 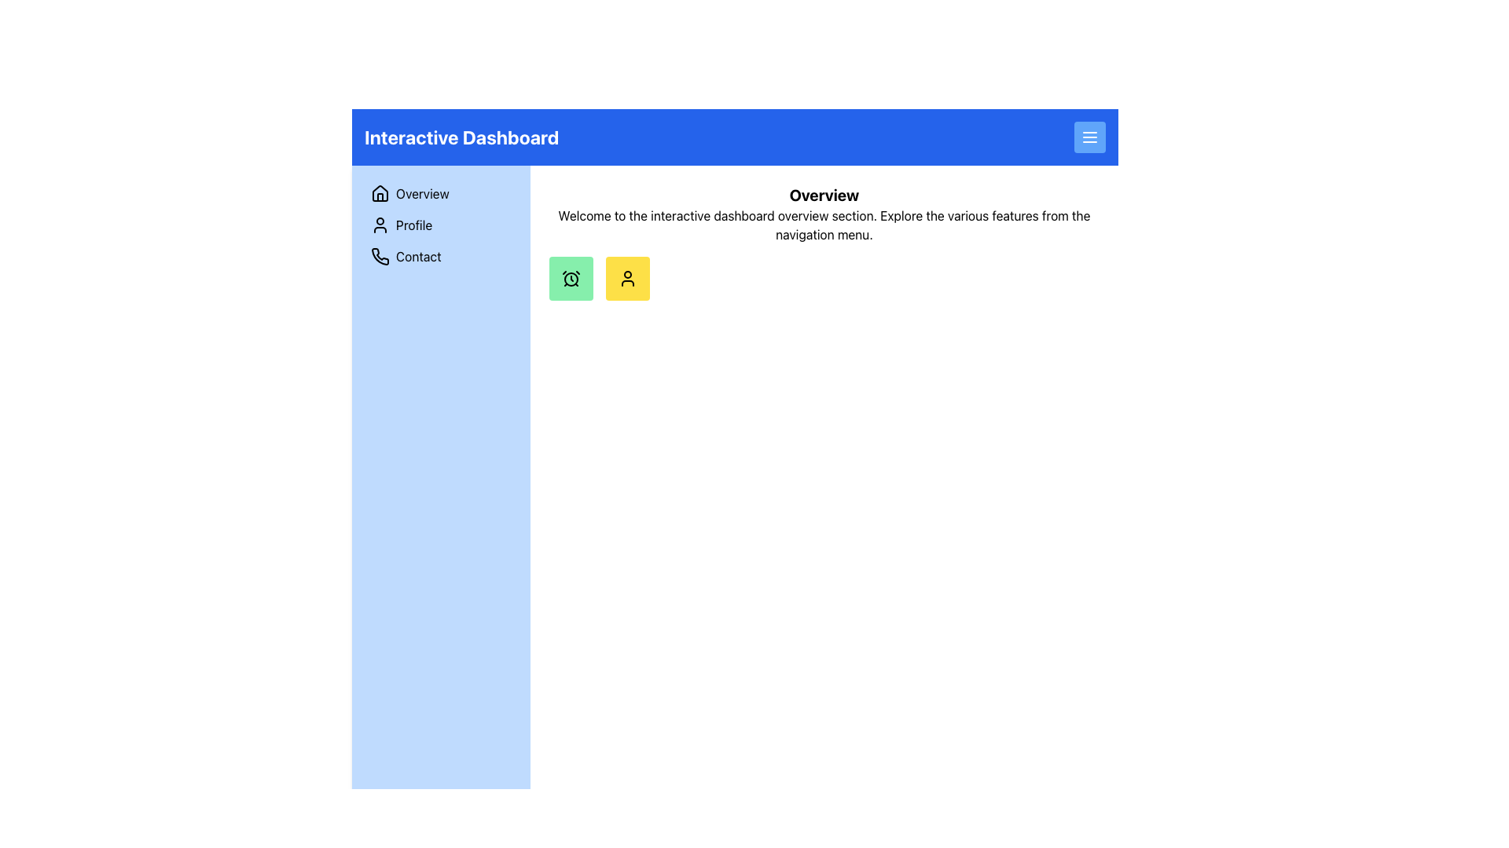 What do you see at coordinates (380, 225) in the screenshot?
I see `the user's profile icon, which is a minimalist circular shape with a stroke outline, located to the left of the 'Profile' text in the vertical navigation menu` at bounding box center [380, 225].